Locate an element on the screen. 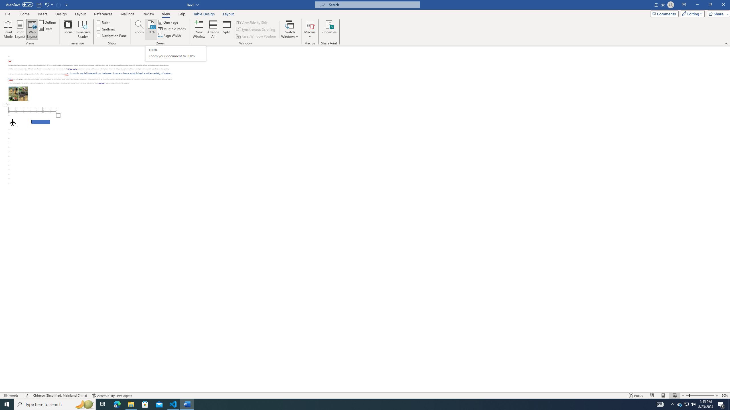 This screenshot has height=410, width=730. 'Zoom...' is located at coordinates (139, 29).